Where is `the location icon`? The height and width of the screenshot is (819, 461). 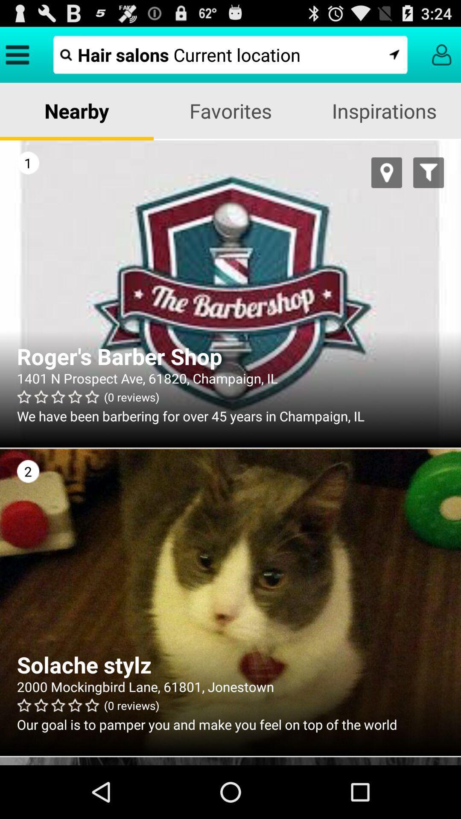
the location icon is located at coordinates (387, 184).